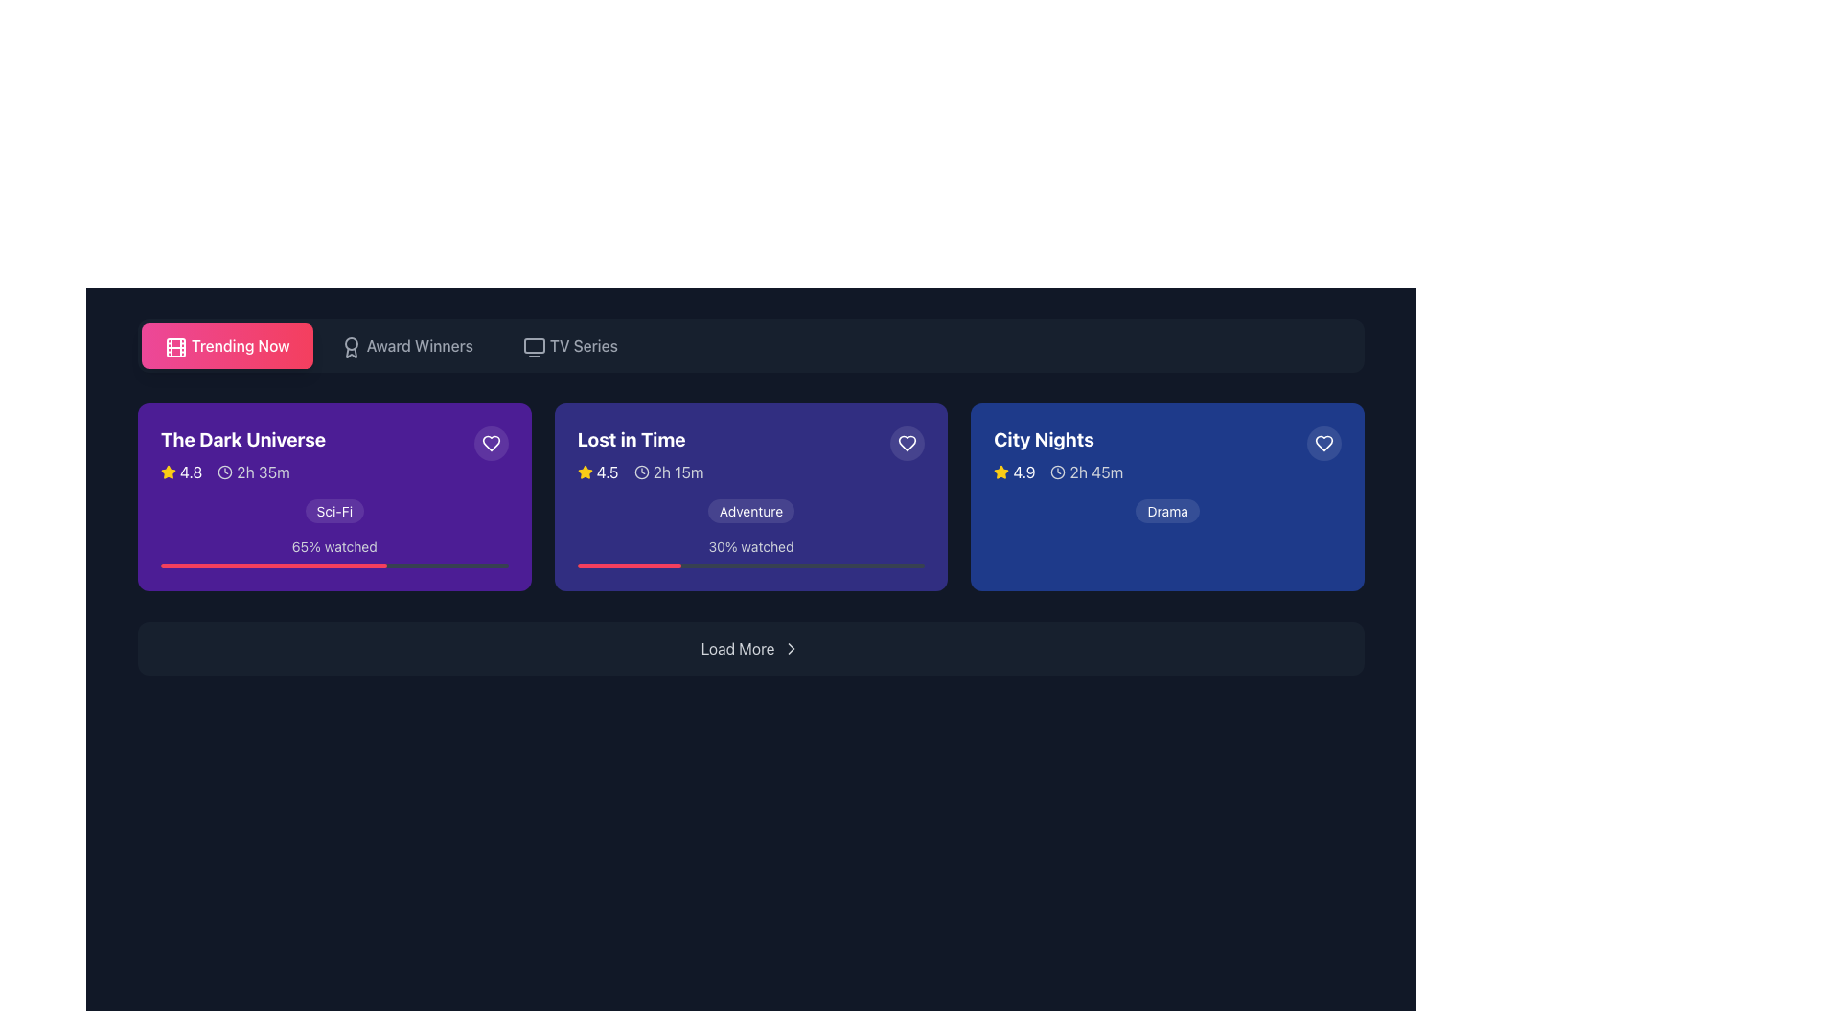 This screenshot has width=1840, height=1035. Describe the element at coordinates (491, 443) in the screenshot. I see `the favorite button located in the top-right corner of the purple card titled 'The Dark Universe' to mark it as favorite` at that location.